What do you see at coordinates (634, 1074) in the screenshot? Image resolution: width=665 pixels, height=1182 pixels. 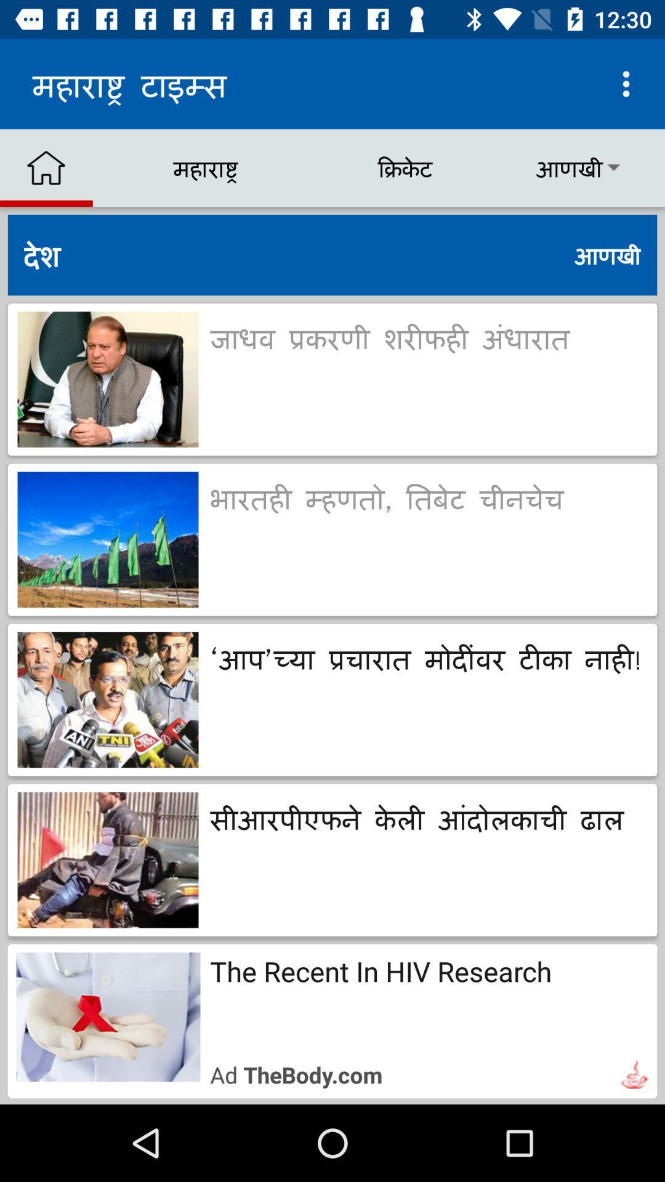 I see `the image icon at right side bottom of the page` at bounding box center [634, 1074].